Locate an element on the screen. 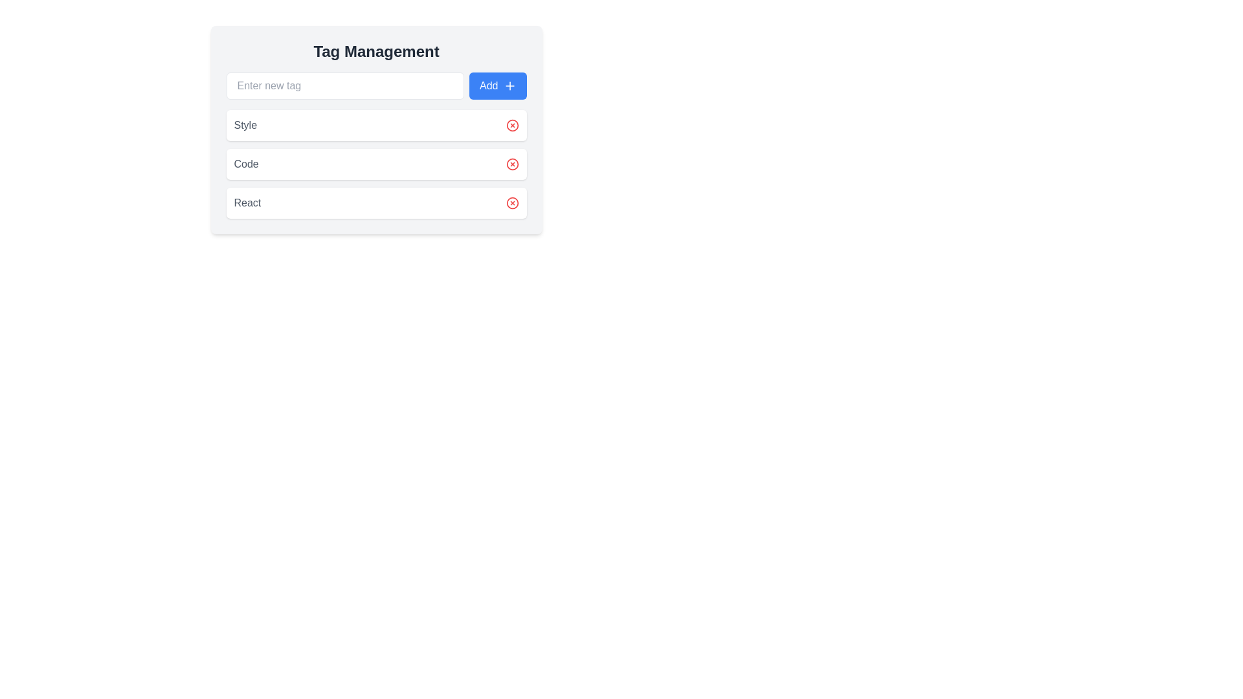 This screenshot has height=699, width=1243. the delete Icon button located on the right side of the 'Code' entry in the second row under the 'Tag Management' section is located at coordinates (511, 164).